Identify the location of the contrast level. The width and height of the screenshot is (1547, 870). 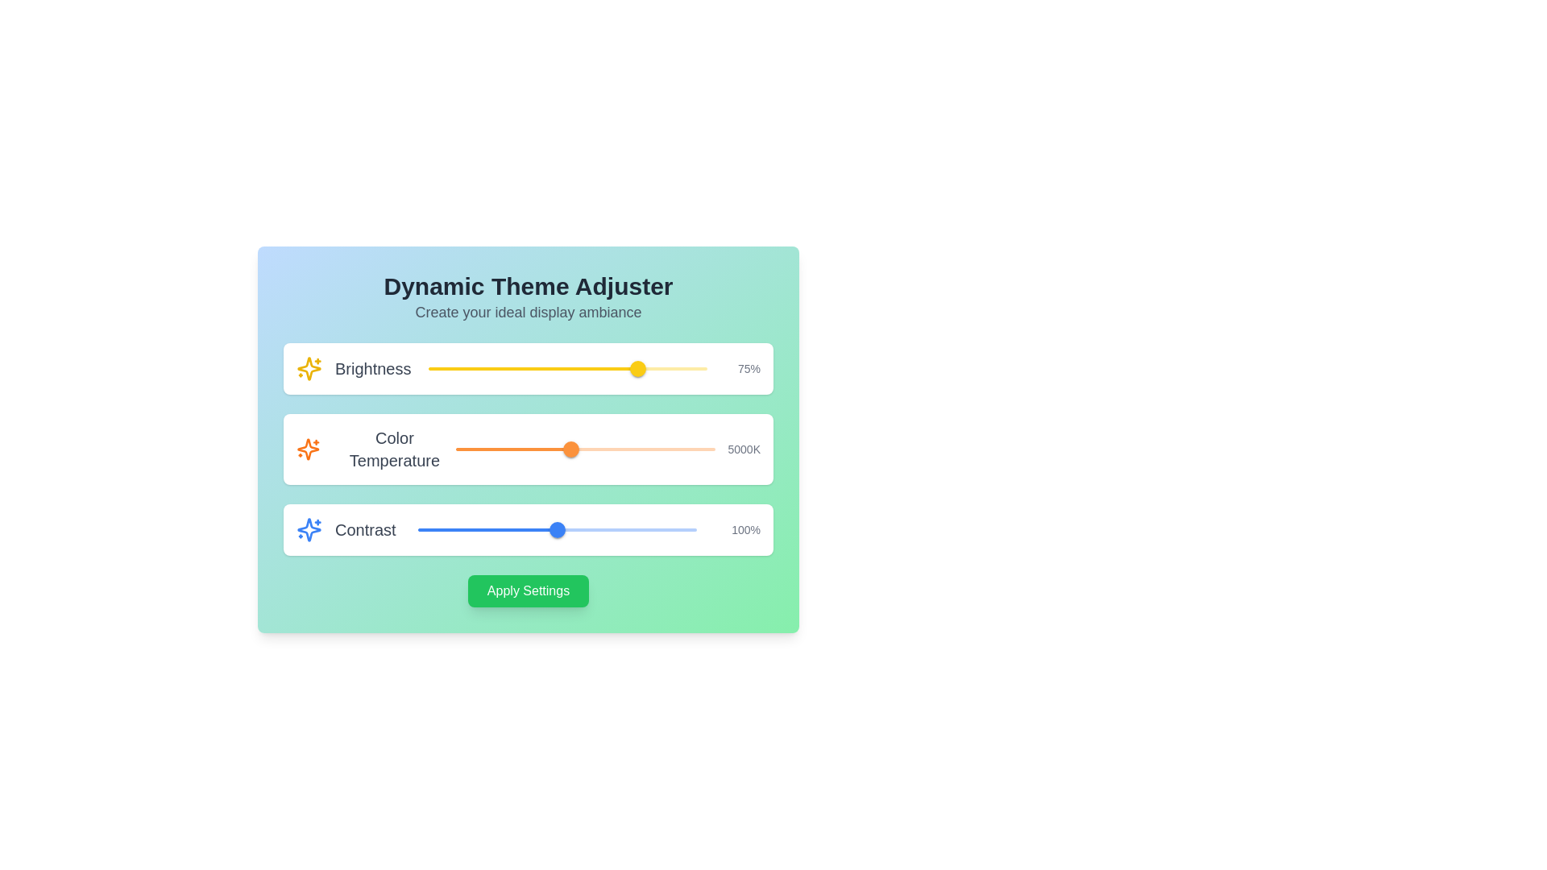
(579, 530).